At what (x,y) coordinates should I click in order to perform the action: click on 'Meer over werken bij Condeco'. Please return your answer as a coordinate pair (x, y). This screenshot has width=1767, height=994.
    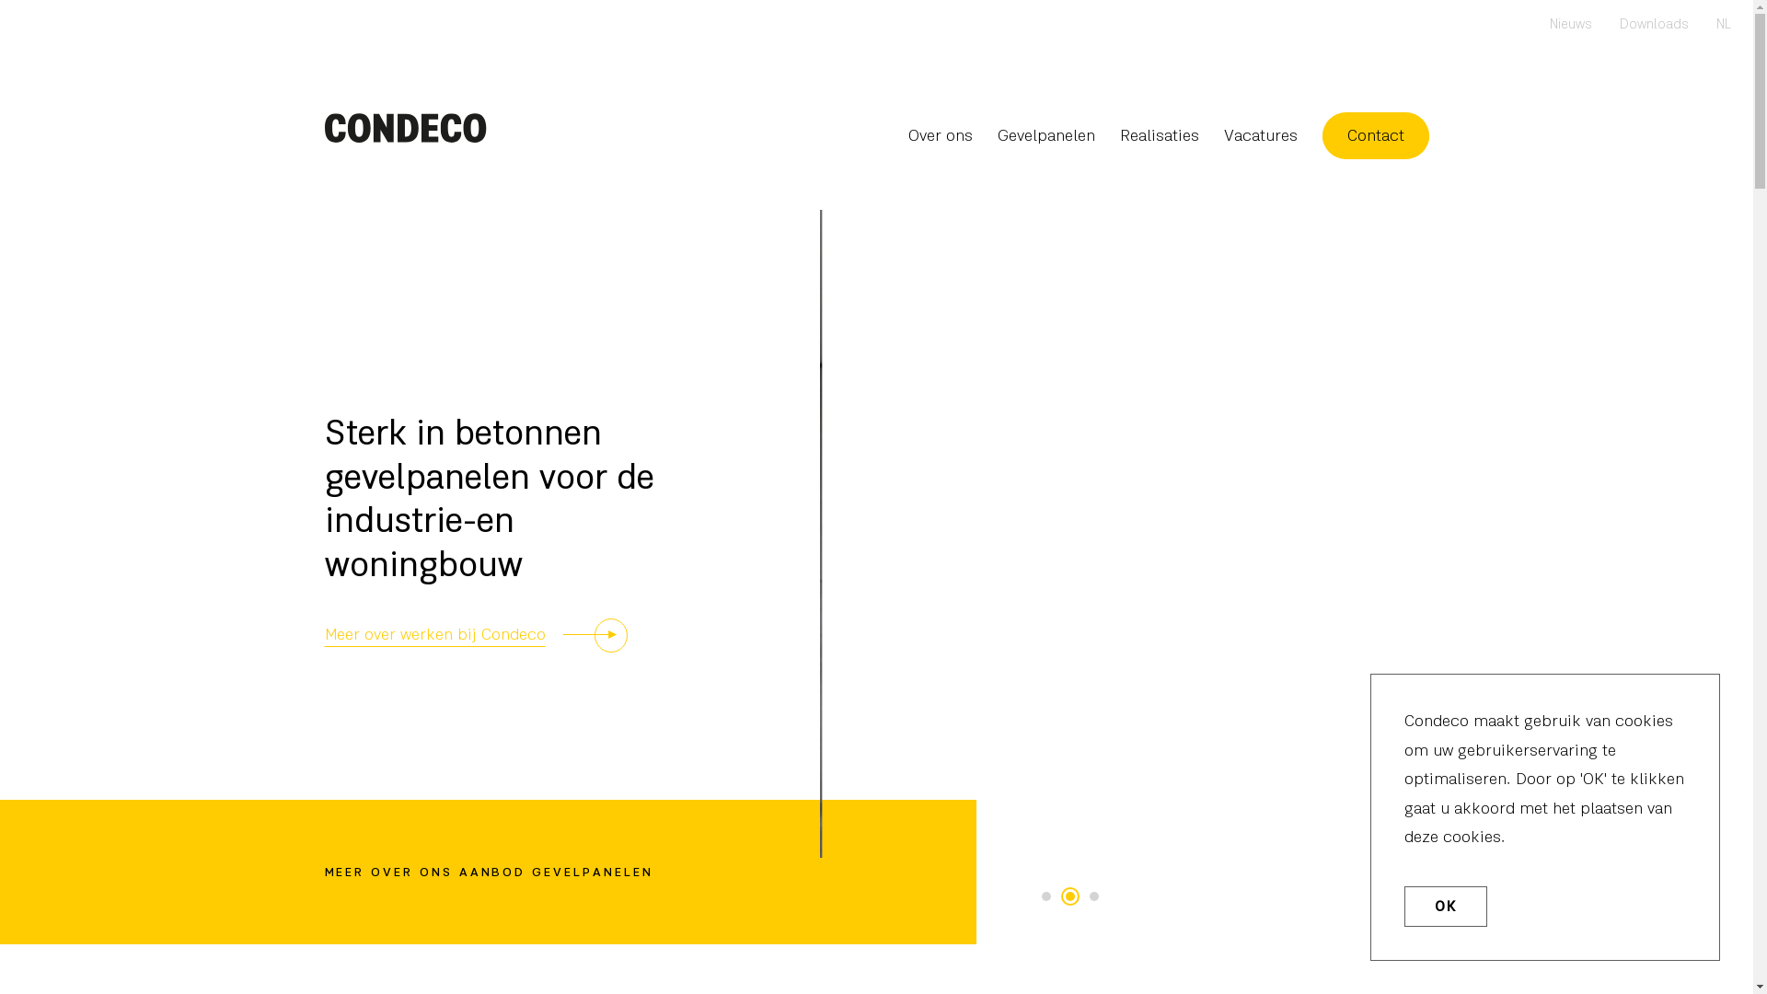
    Looking at the image, I should click on (323, 634).